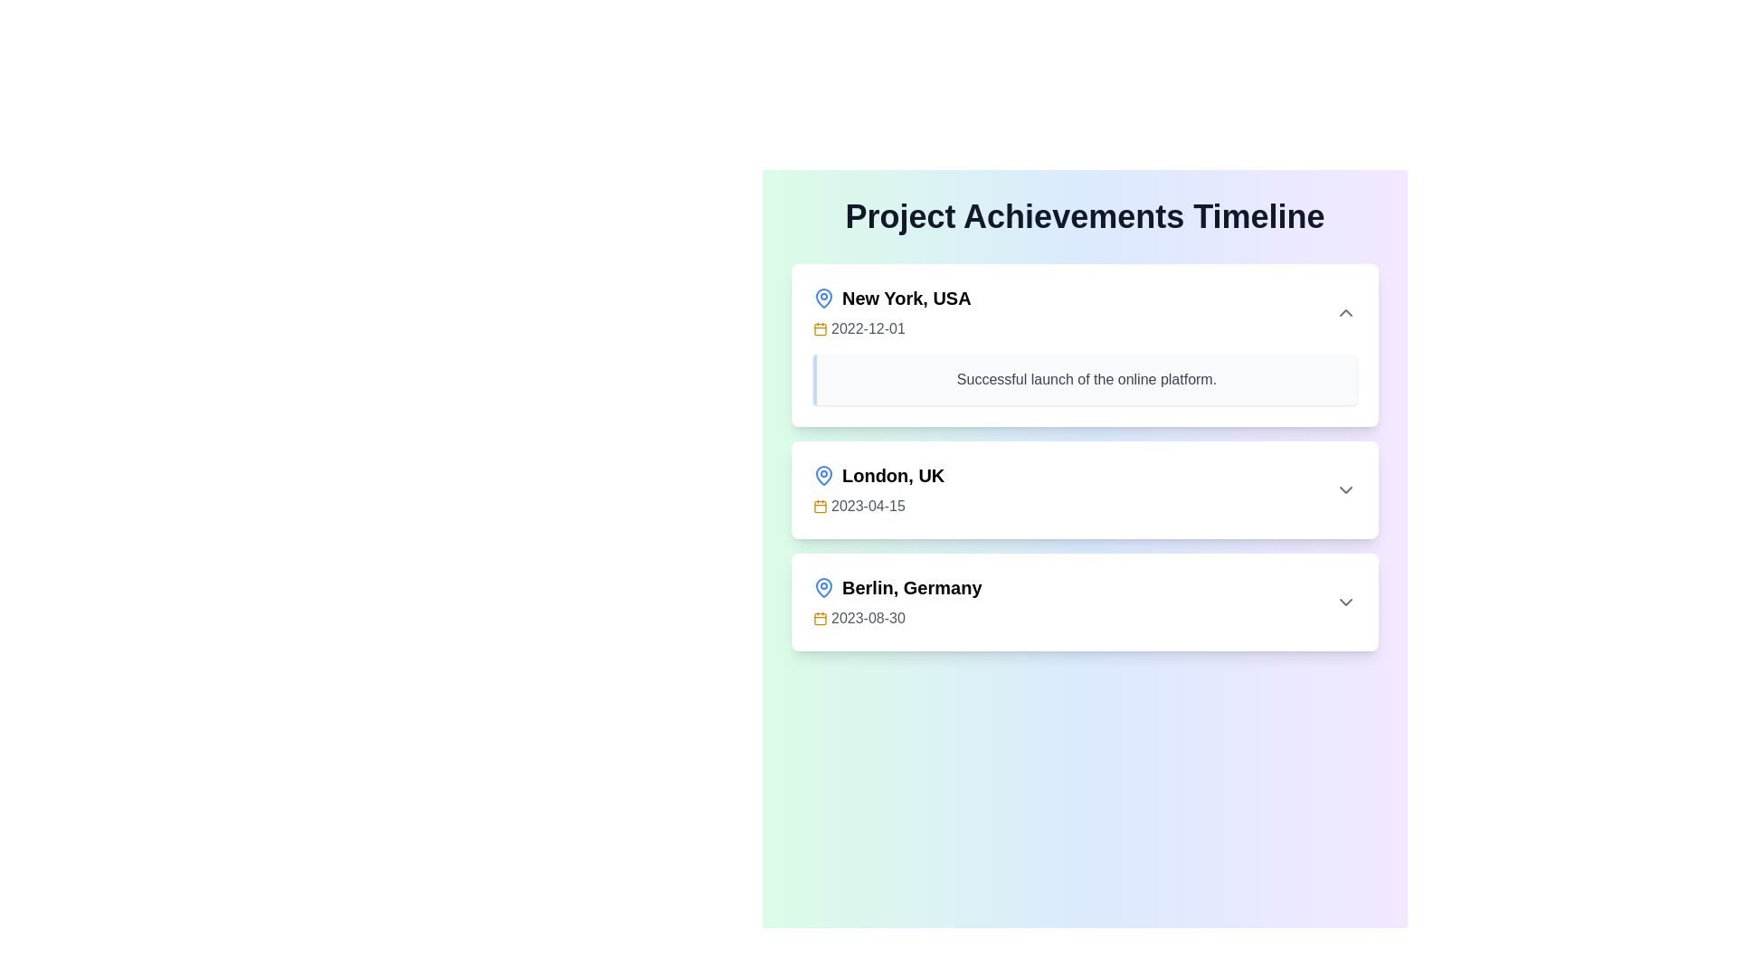 The width and height of the screenshot is (1737, 977). Describe the element at coordinates (820, 506) in the screenshot. I see `the yellow rounded rectangle background graphic element within the calendar-themed SVG group` at that location.